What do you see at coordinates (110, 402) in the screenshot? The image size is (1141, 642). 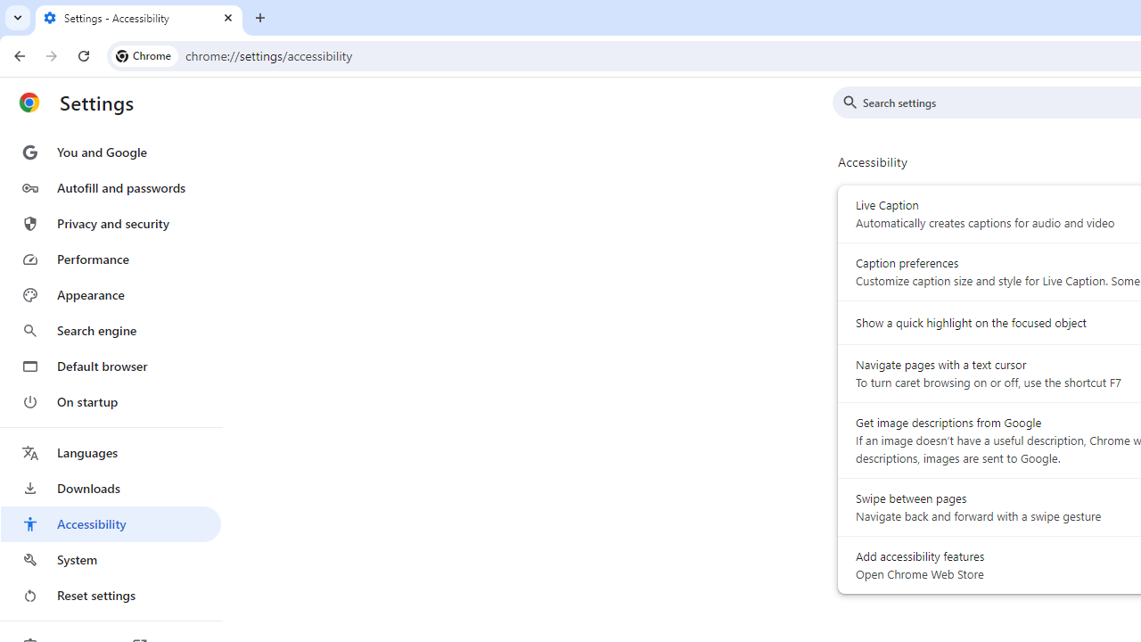 I see `'On startup'` at bounding box center [110, 402].